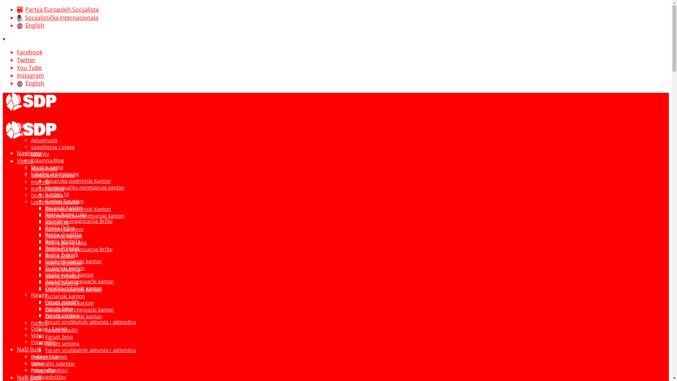  Describe the element at coordinates (78, 180) in the screenshot. I see `'Bosansko-podrinjski Kanton'` at that location.